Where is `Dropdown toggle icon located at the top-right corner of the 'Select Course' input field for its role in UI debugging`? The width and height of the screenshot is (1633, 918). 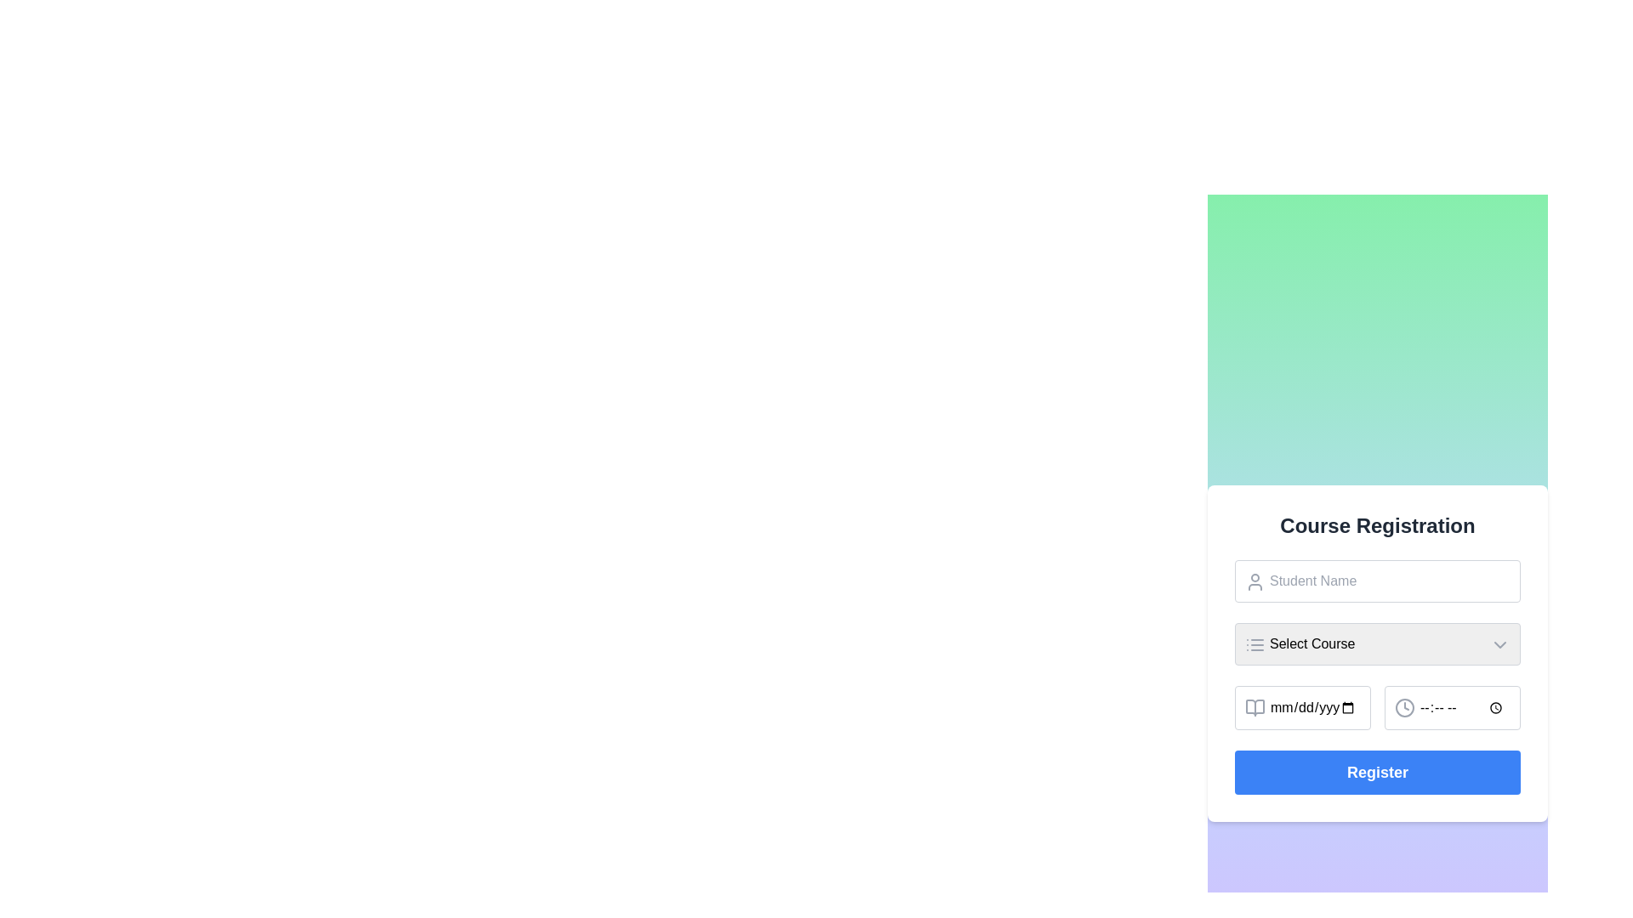 Dropdown toggle icon located at the top-right corner of the 'Select Course' input field for its role in UI debugging is located at coordinates (1499, 645).